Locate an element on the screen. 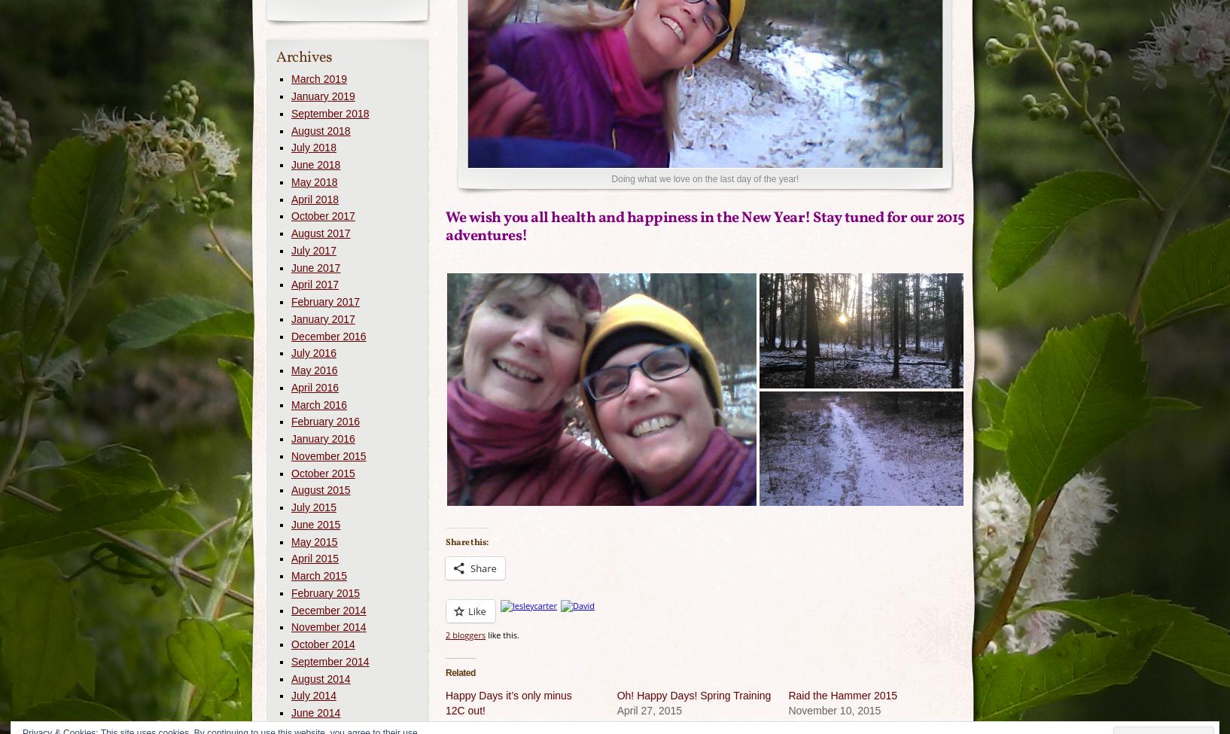  'June 2017' is located at coordinates (315, 266).